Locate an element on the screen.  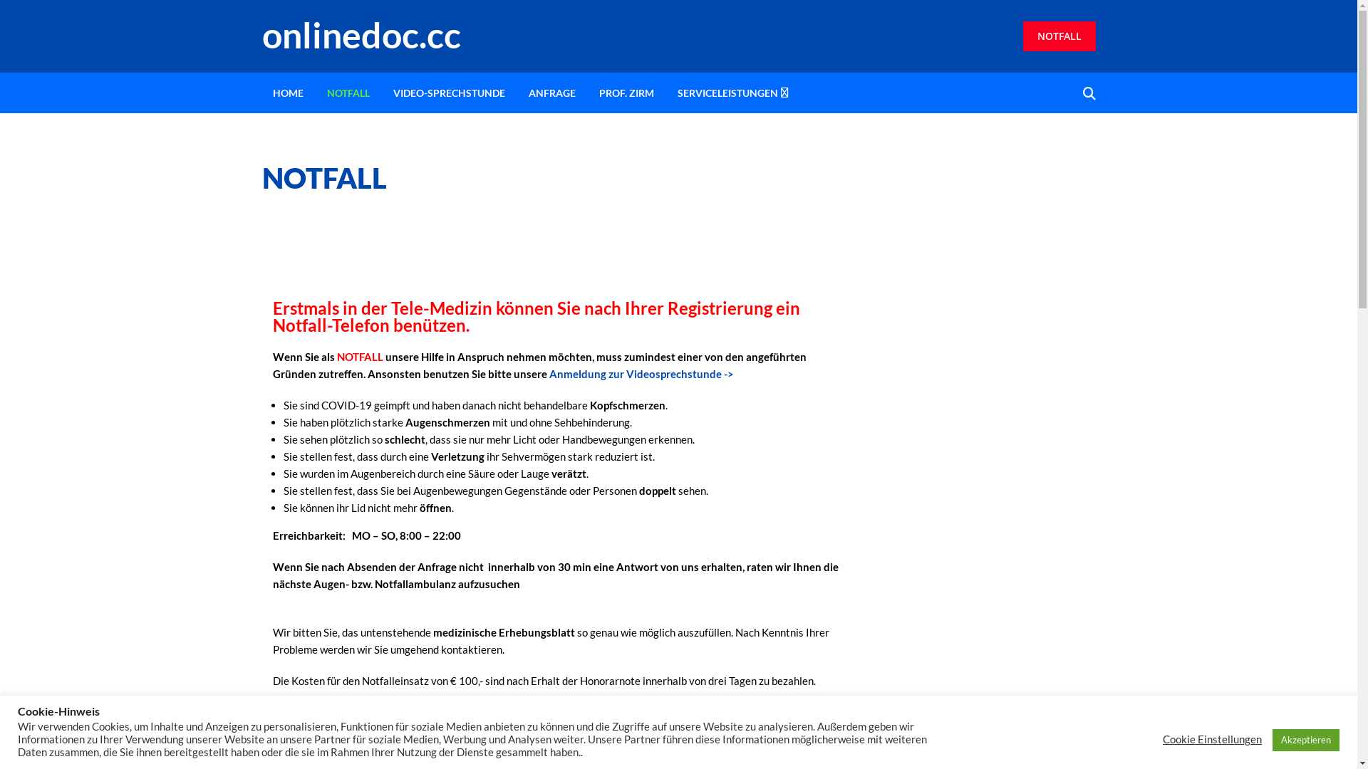
'VIDEO-SPRECHSTUNDE' is located at coordinates (447, 93).